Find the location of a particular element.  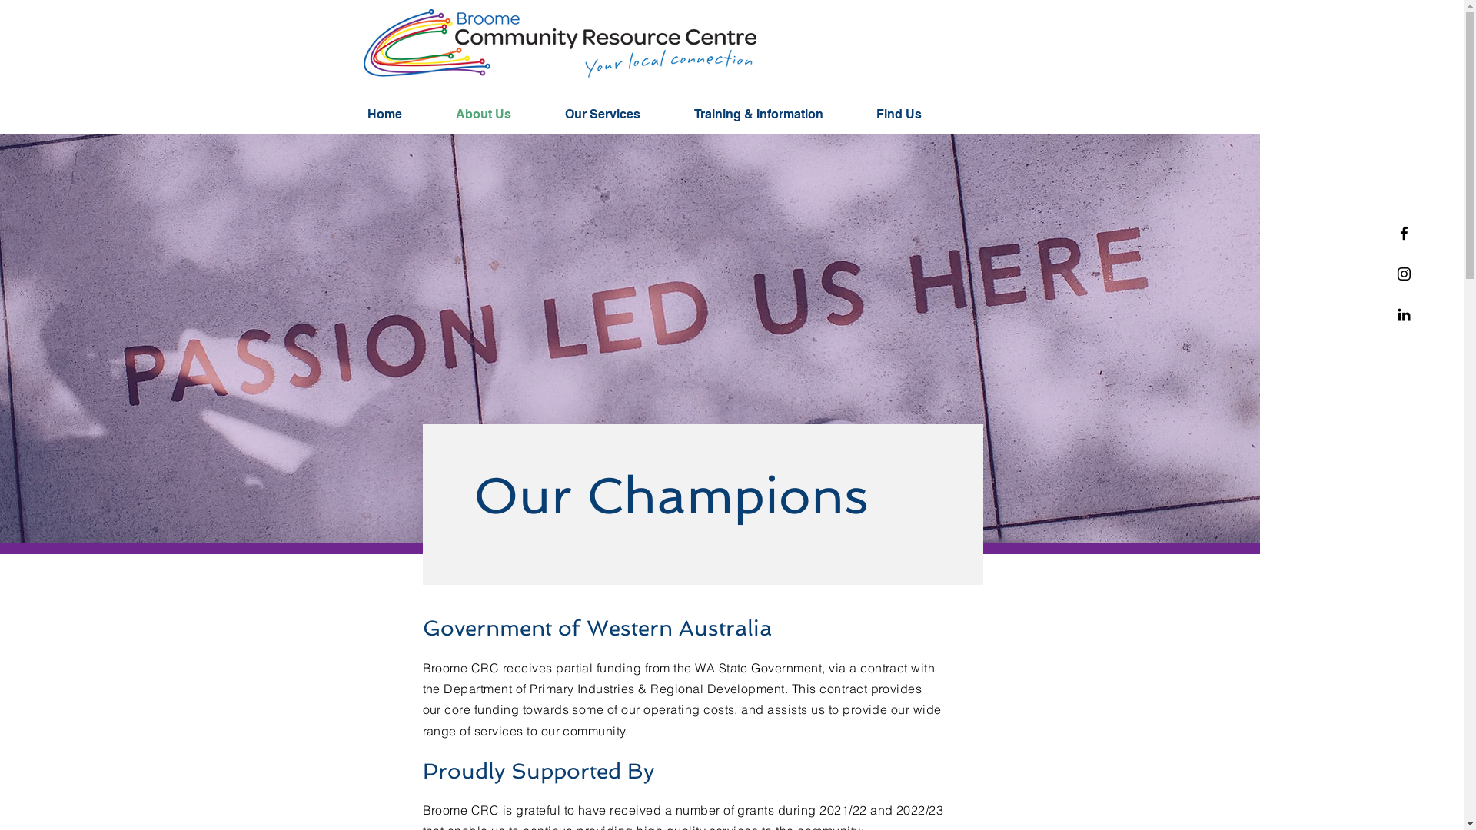

'Training & Information' is located at coordinates (773, 114).